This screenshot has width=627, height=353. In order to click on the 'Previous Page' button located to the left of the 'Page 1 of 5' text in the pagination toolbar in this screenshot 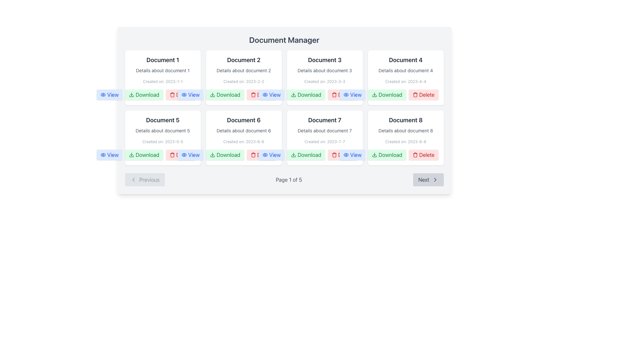, I will do `click(144, 180)`.